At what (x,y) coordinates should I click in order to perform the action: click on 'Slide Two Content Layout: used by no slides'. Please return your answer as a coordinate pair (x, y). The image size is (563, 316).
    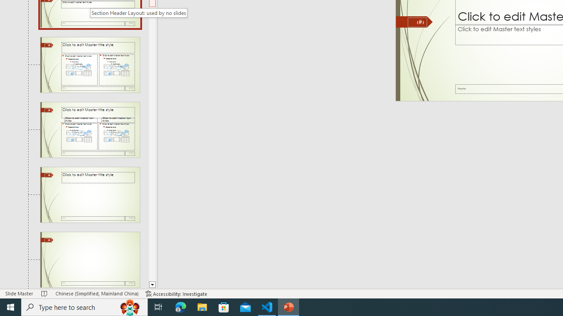
    Looking at the image, I should click on (90, 64).